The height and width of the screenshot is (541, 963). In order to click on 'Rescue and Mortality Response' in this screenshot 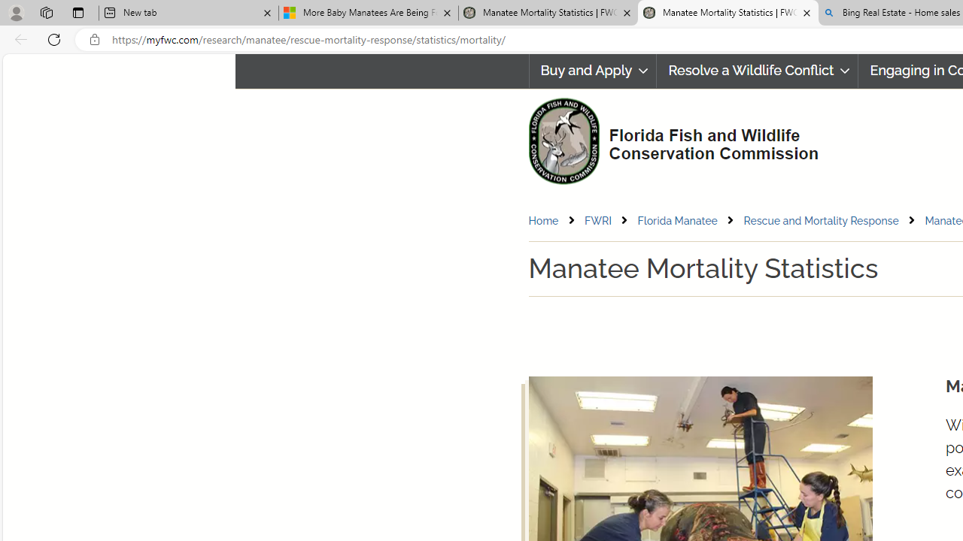, I will do `click(820, 220)`.